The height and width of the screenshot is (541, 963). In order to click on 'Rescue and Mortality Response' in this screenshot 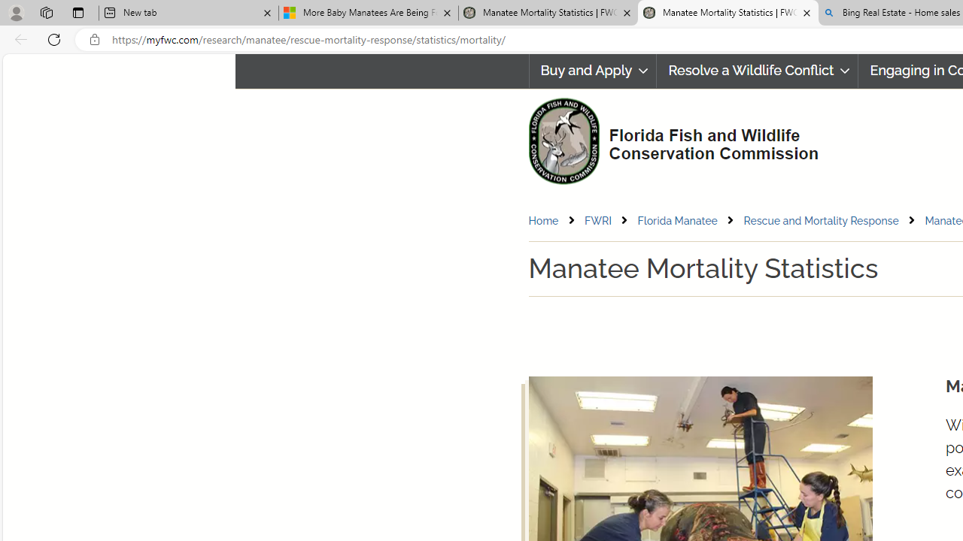, I will do `click(820, 220)`.